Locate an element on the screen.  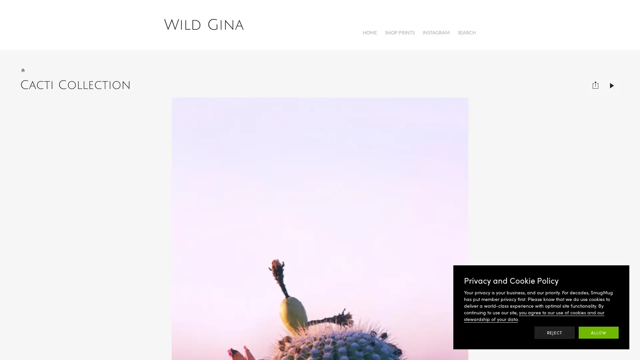
ALLOW is located at coordinates (598, 333).